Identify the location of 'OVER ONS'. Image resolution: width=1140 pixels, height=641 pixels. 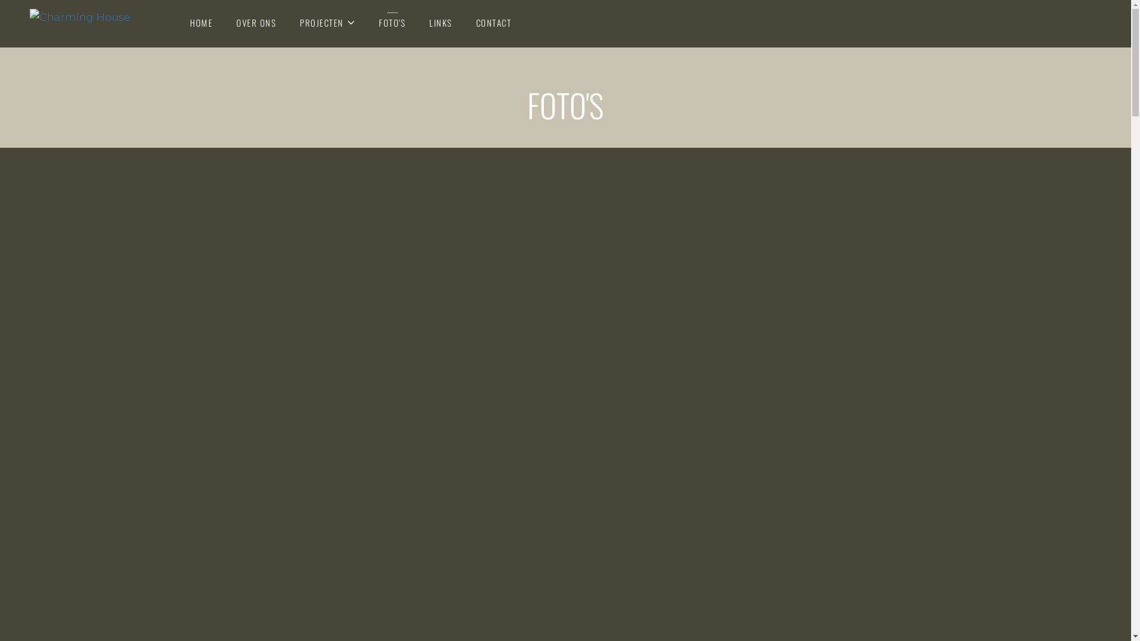
(255, 23).